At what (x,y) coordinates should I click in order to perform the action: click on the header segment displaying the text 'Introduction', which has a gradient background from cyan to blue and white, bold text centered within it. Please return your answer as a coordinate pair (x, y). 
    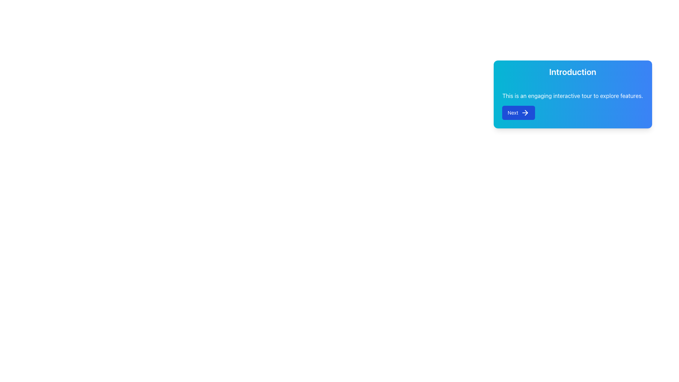
    Looking at the image, I should click on (573, 72).